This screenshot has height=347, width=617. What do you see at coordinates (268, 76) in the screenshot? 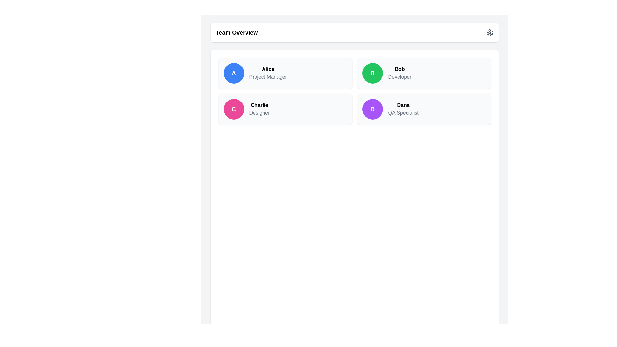
I see `the 'Project Manager' text label, which is styled in lighter gray color and located beneath the name 'Alice' in a team member card` at bounding box center [268, 76].